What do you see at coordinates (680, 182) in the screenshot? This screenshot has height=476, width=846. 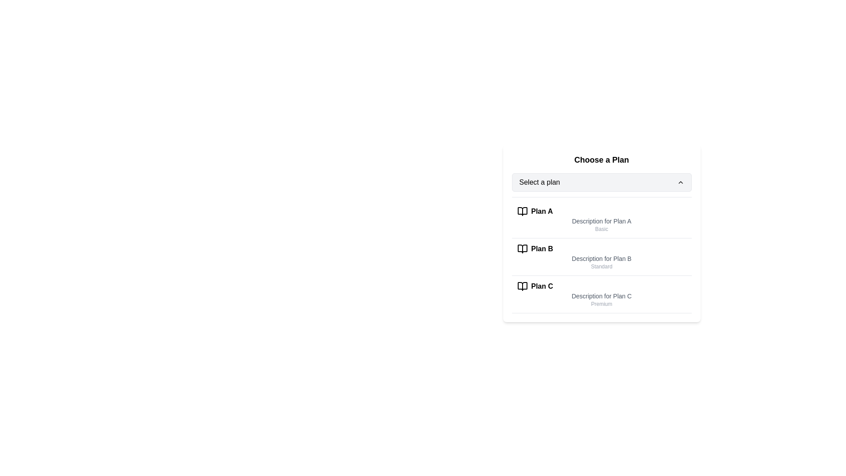 I see `the Chevron Up icon located on the far-right side of the 'Select a plan' dropdown area` at bounding box center [680, 182].